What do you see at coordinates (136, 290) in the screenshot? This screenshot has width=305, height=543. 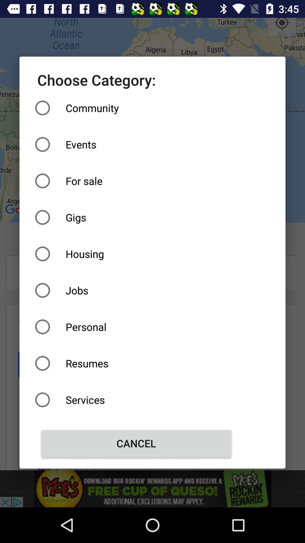 I see `the item above the personal` at bounding box center [136, 290].